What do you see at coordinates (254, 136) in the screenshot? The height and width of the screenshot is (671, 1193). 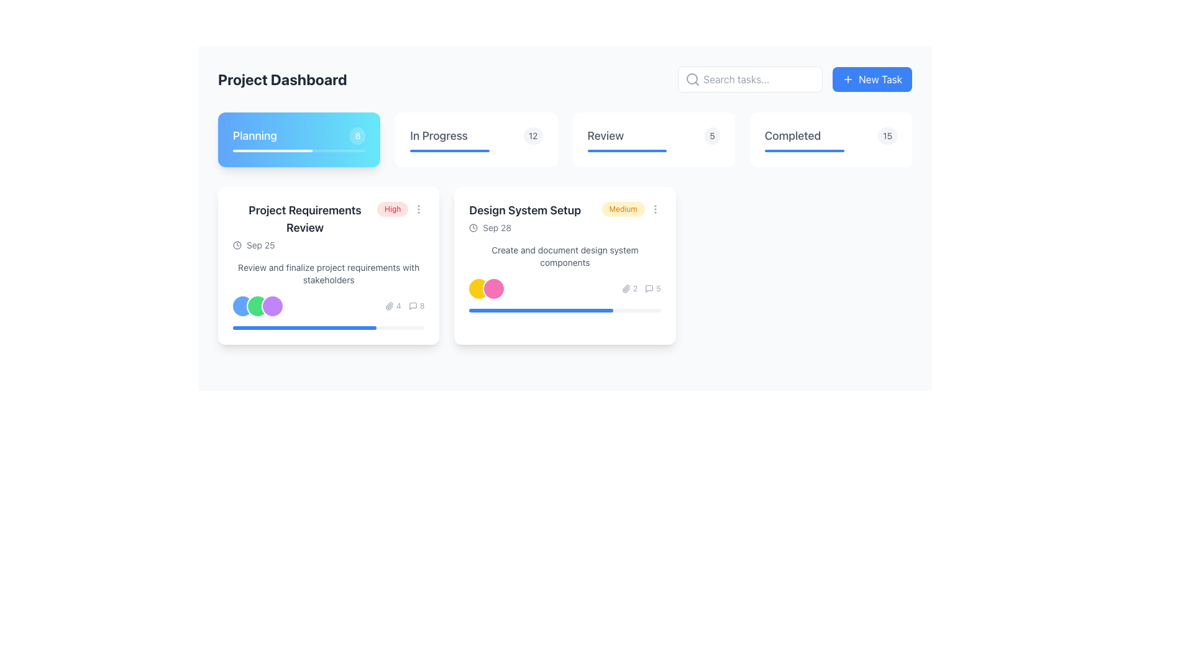 I see `the 'Planning' text label that serves as a heading within the blue-bordered widget on the dashboard interface` at bounding box center [254, 136].